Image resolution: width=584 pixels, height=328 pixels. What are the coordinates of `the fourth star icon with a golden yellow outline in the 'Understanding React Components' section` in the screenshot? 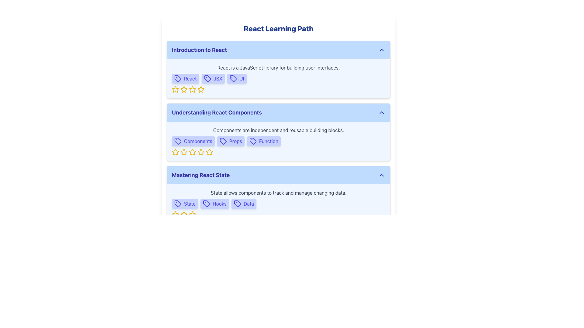 It's located at (201, 152).